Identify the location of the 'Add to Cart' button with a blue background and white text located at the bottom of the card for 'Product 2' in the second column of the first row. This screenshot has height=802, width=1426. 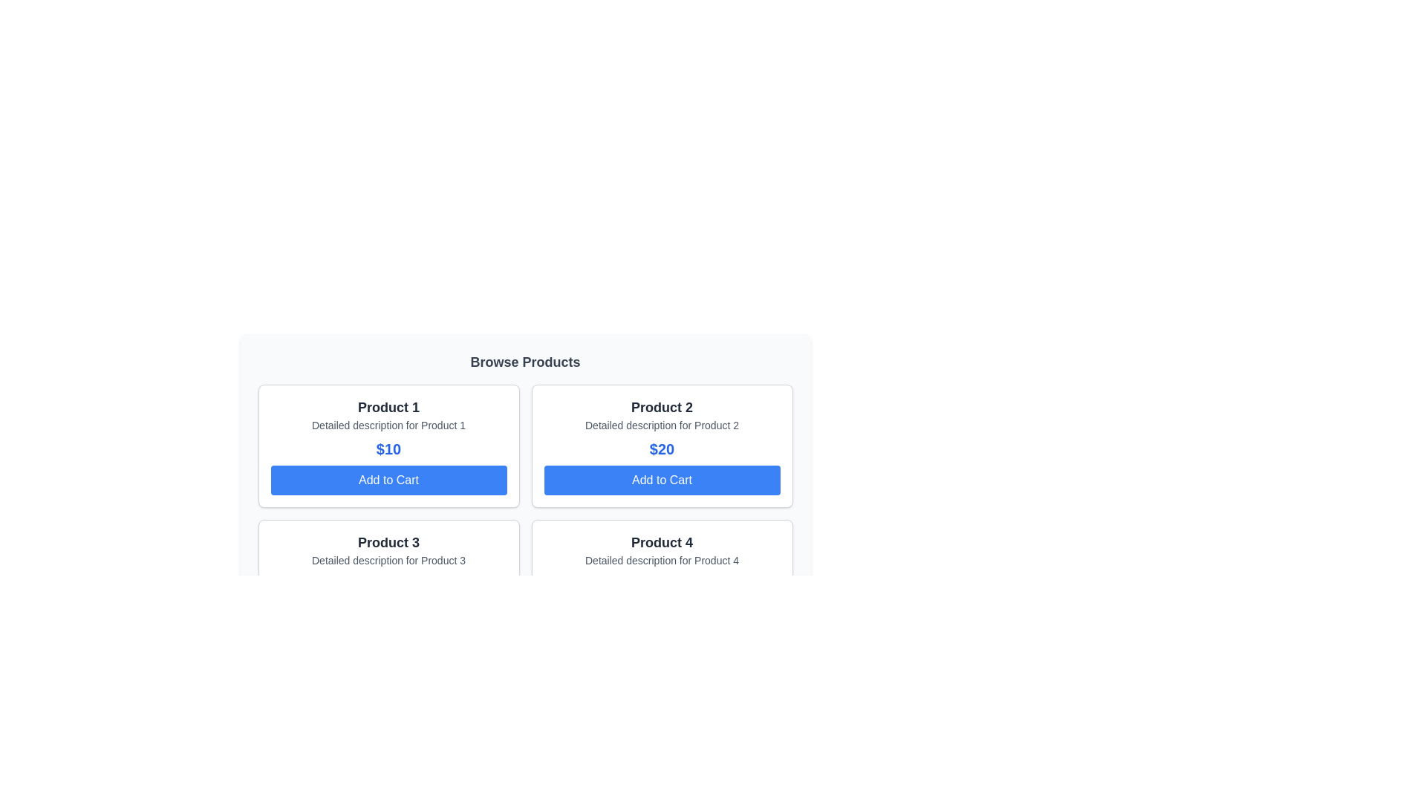
(661, 480).